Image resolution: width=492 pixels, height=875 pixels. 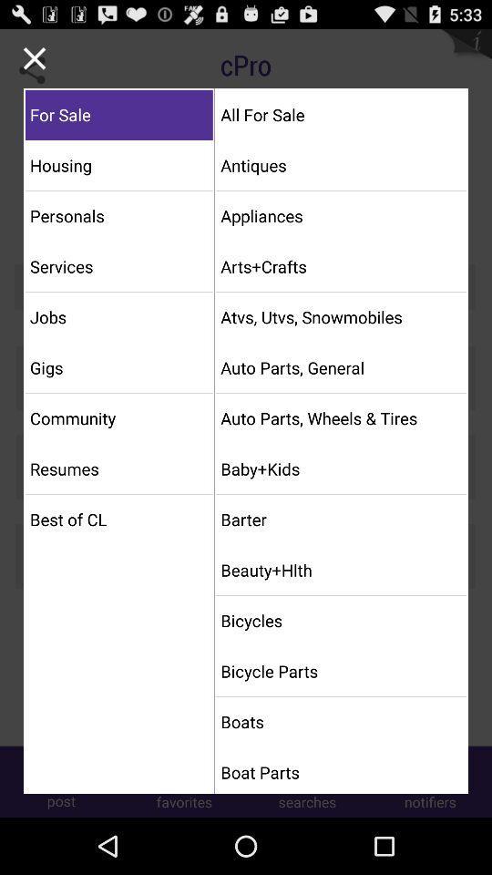 What do you see at coordinates (118, 265) in the screenshot?
I see `services app` at bounding box center [118, 265].